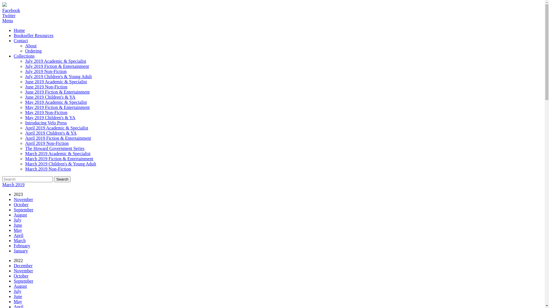 The image size is (549, 308). Describe the element at coordinates (19, 30) in the screenshot. I see `'Home'` at that location.